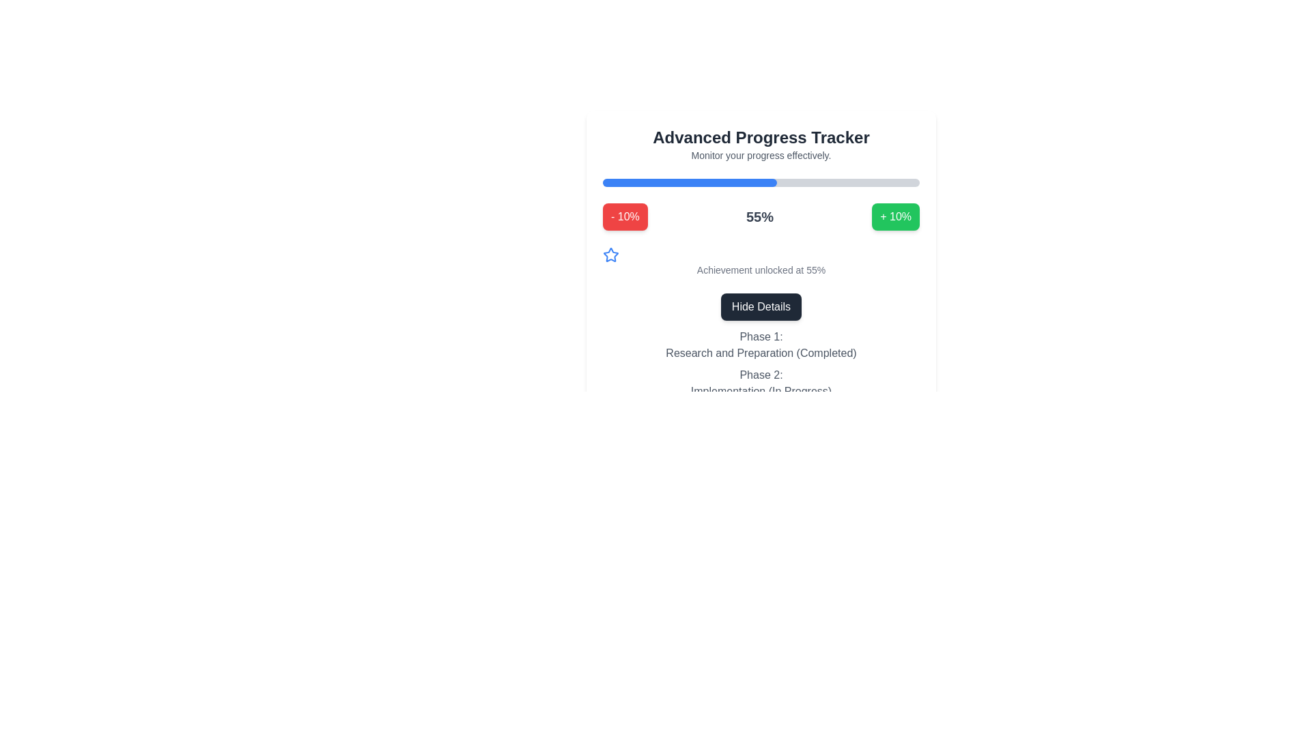 This screenshot has width=1311, height=737. What do you see at coordinates (760, 262) in the screenshot?
I see `the label displaying 'Achievement unlocked at 55%' with a blue star icon to its left, located beneath the '55%' progress indicator and above the 'Hide Details' button` at bounding box center [760, 262].